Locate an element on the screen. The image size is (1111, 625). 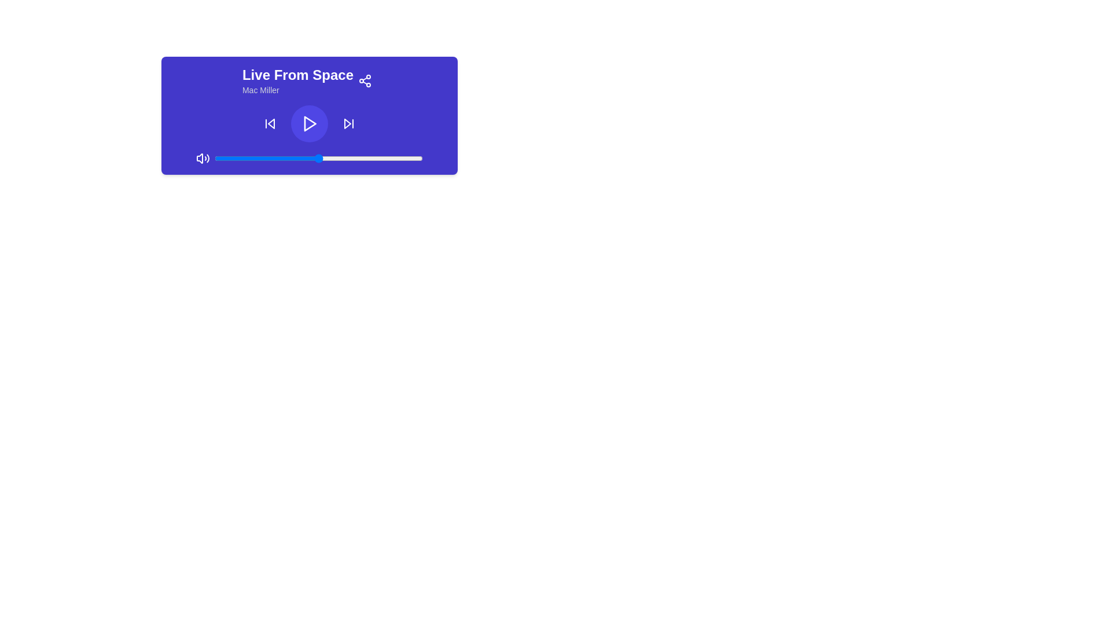
the outer sound wave decorative graphical element, which is the third and outermost curve from the left within the volume icon on the player's control interface is located at coordinates (208, 158).